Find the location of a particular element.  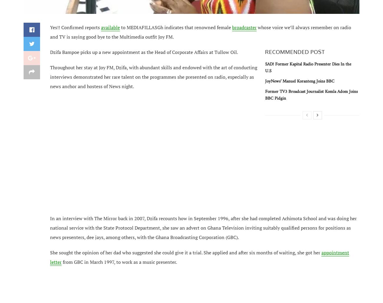

'broadcaster' is located at coordinates (244, 27).